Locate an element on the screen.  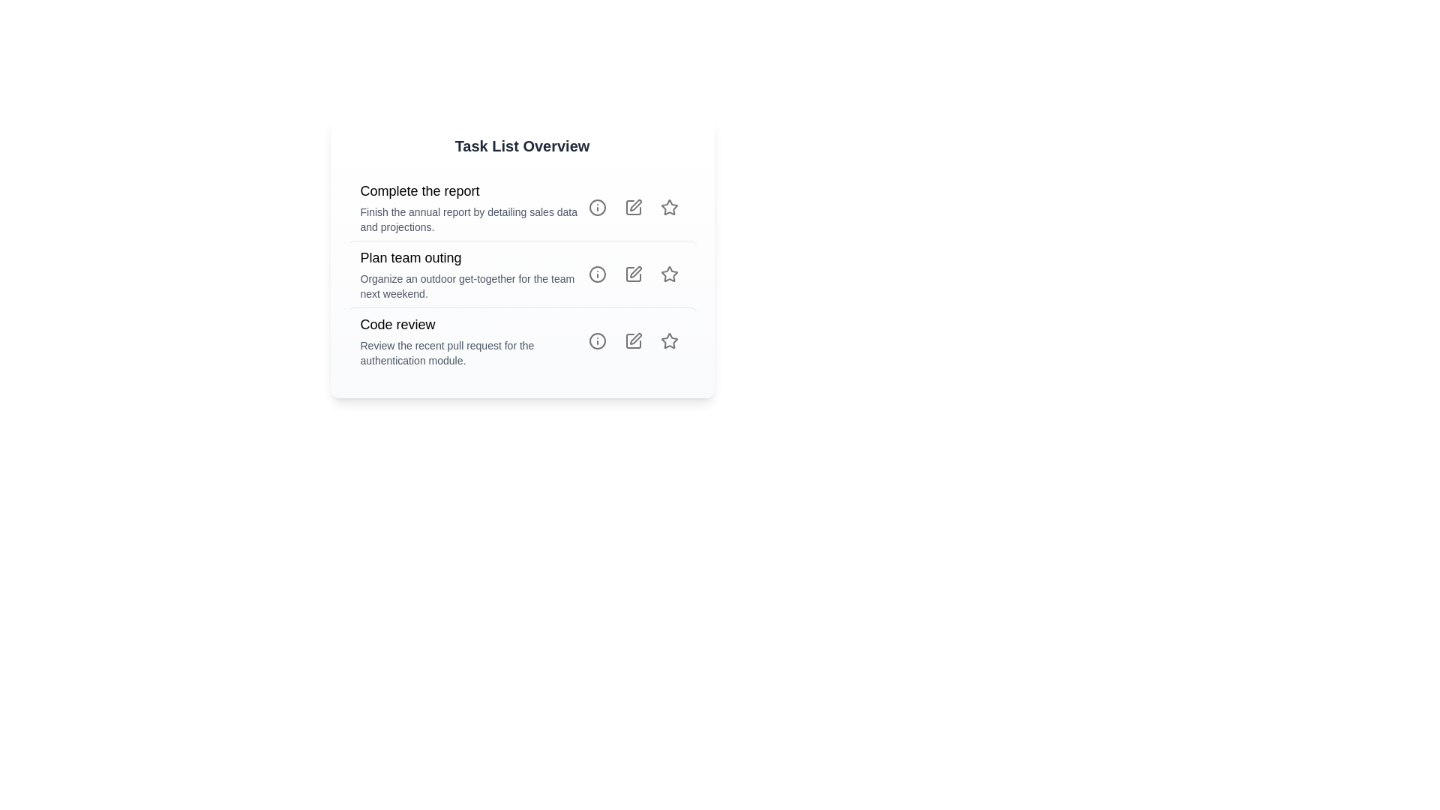
the edit icon represented by a pencil overlaying a square, located on the right side of the 'Code review' task item in the third row of the task list to receive a tooltip if available is located at coordinates (633, 341).